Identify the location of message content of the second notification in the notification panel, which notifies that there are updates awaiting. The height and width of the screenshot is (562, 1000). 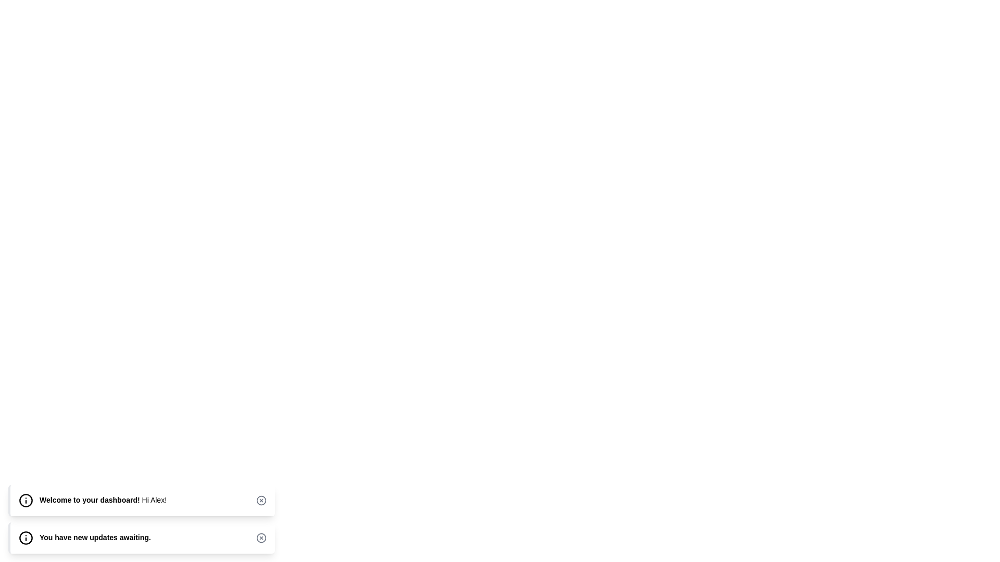
(141, 519).